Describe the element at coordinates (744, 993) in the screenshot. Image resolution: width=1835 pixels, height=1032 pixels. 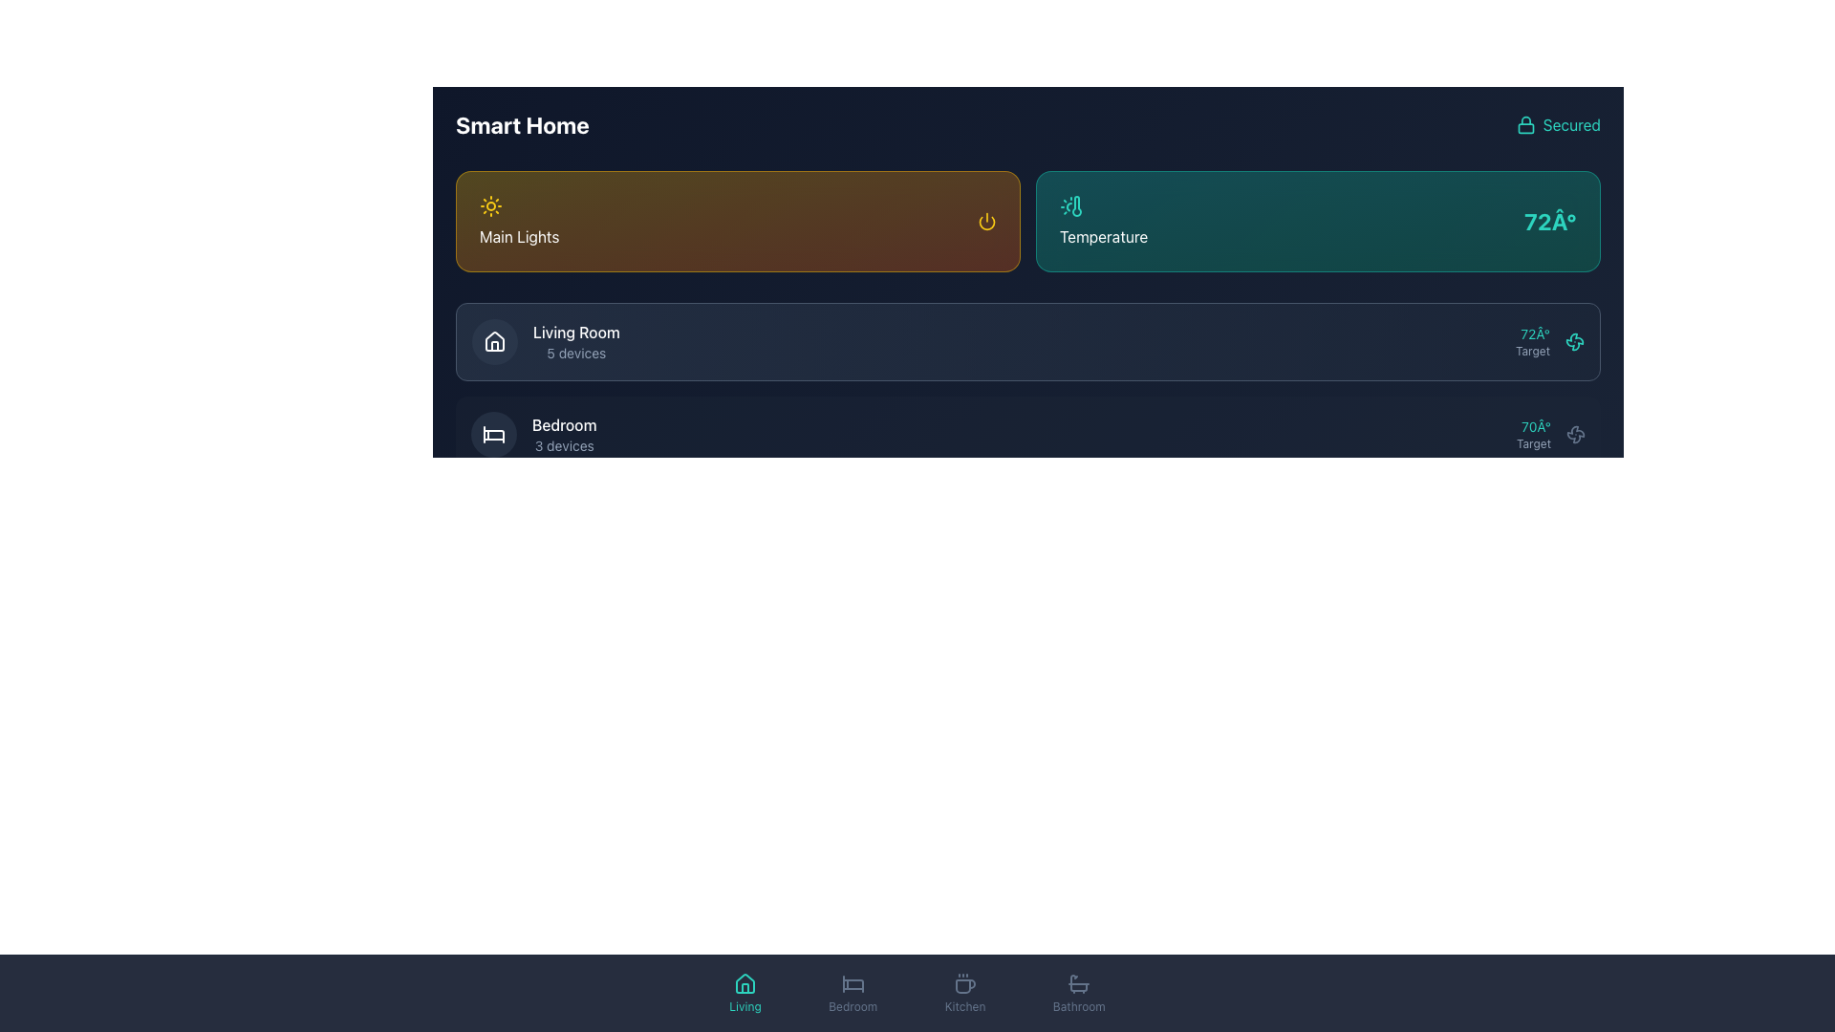
I see `the 'Living' button, which features a teal outlined house icon above the text 'Living'` at that location.